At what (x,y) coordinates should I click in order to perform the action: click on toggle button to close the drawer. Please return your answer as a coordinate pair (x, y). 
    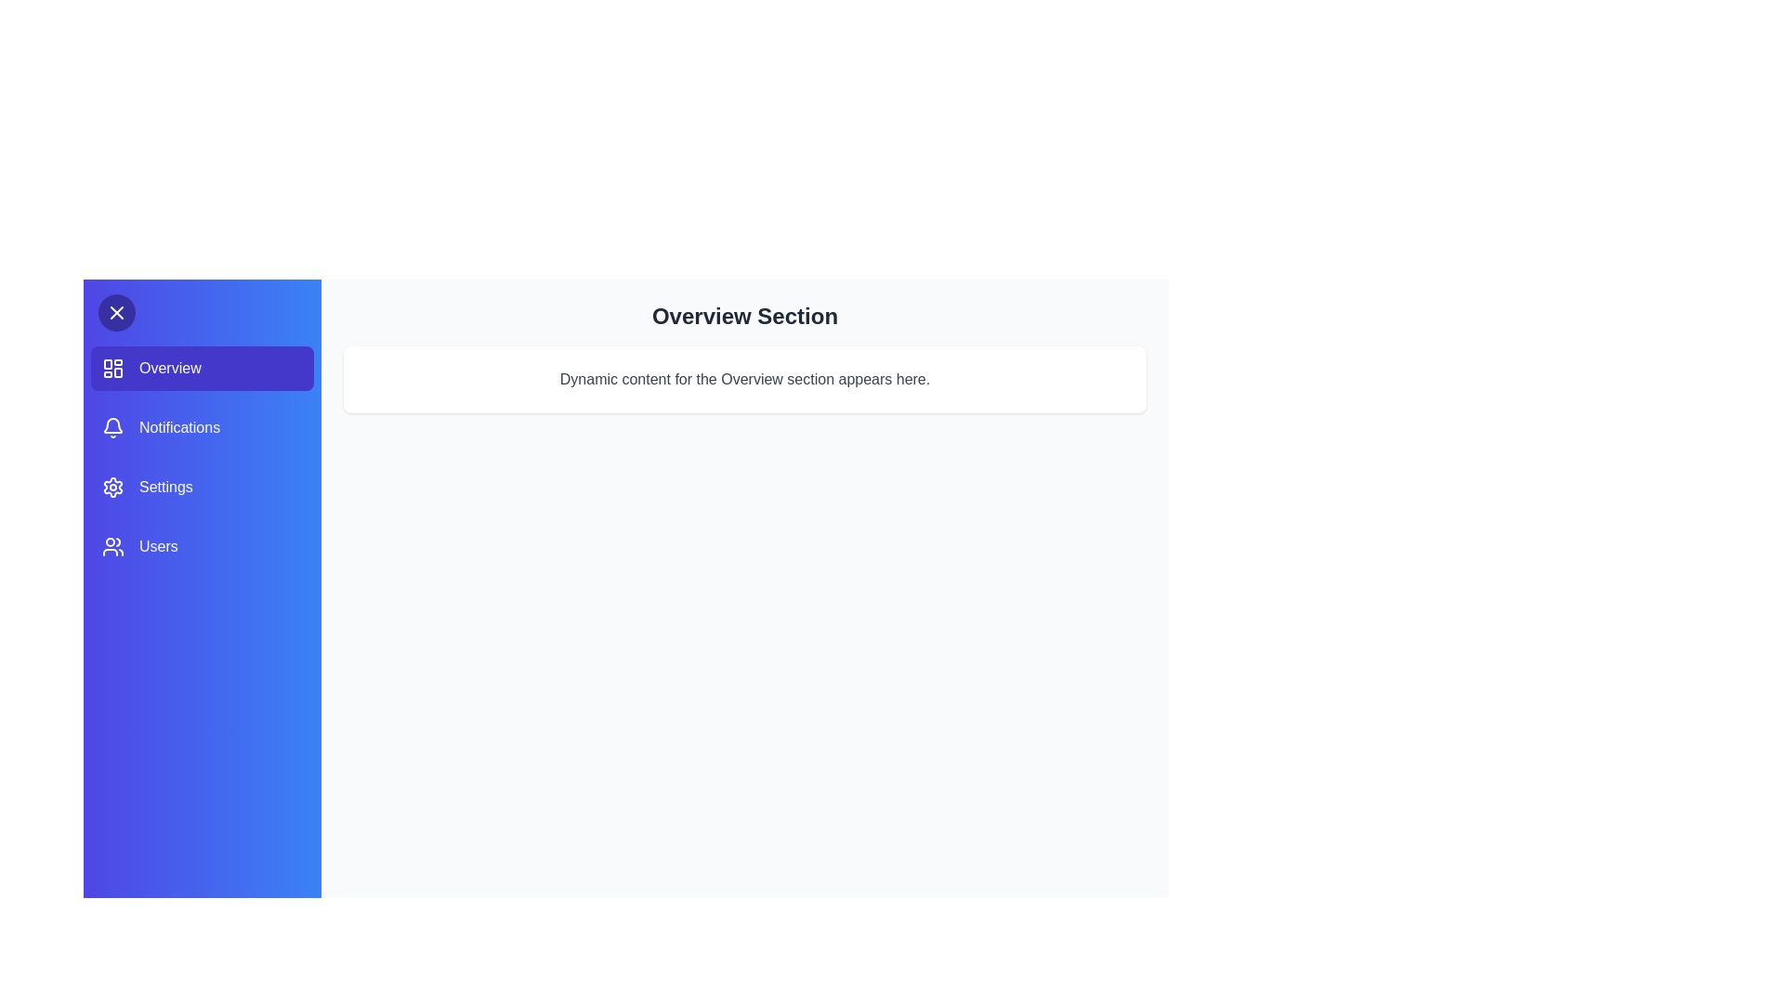
    Looking at the image, I should click on (115, 311).